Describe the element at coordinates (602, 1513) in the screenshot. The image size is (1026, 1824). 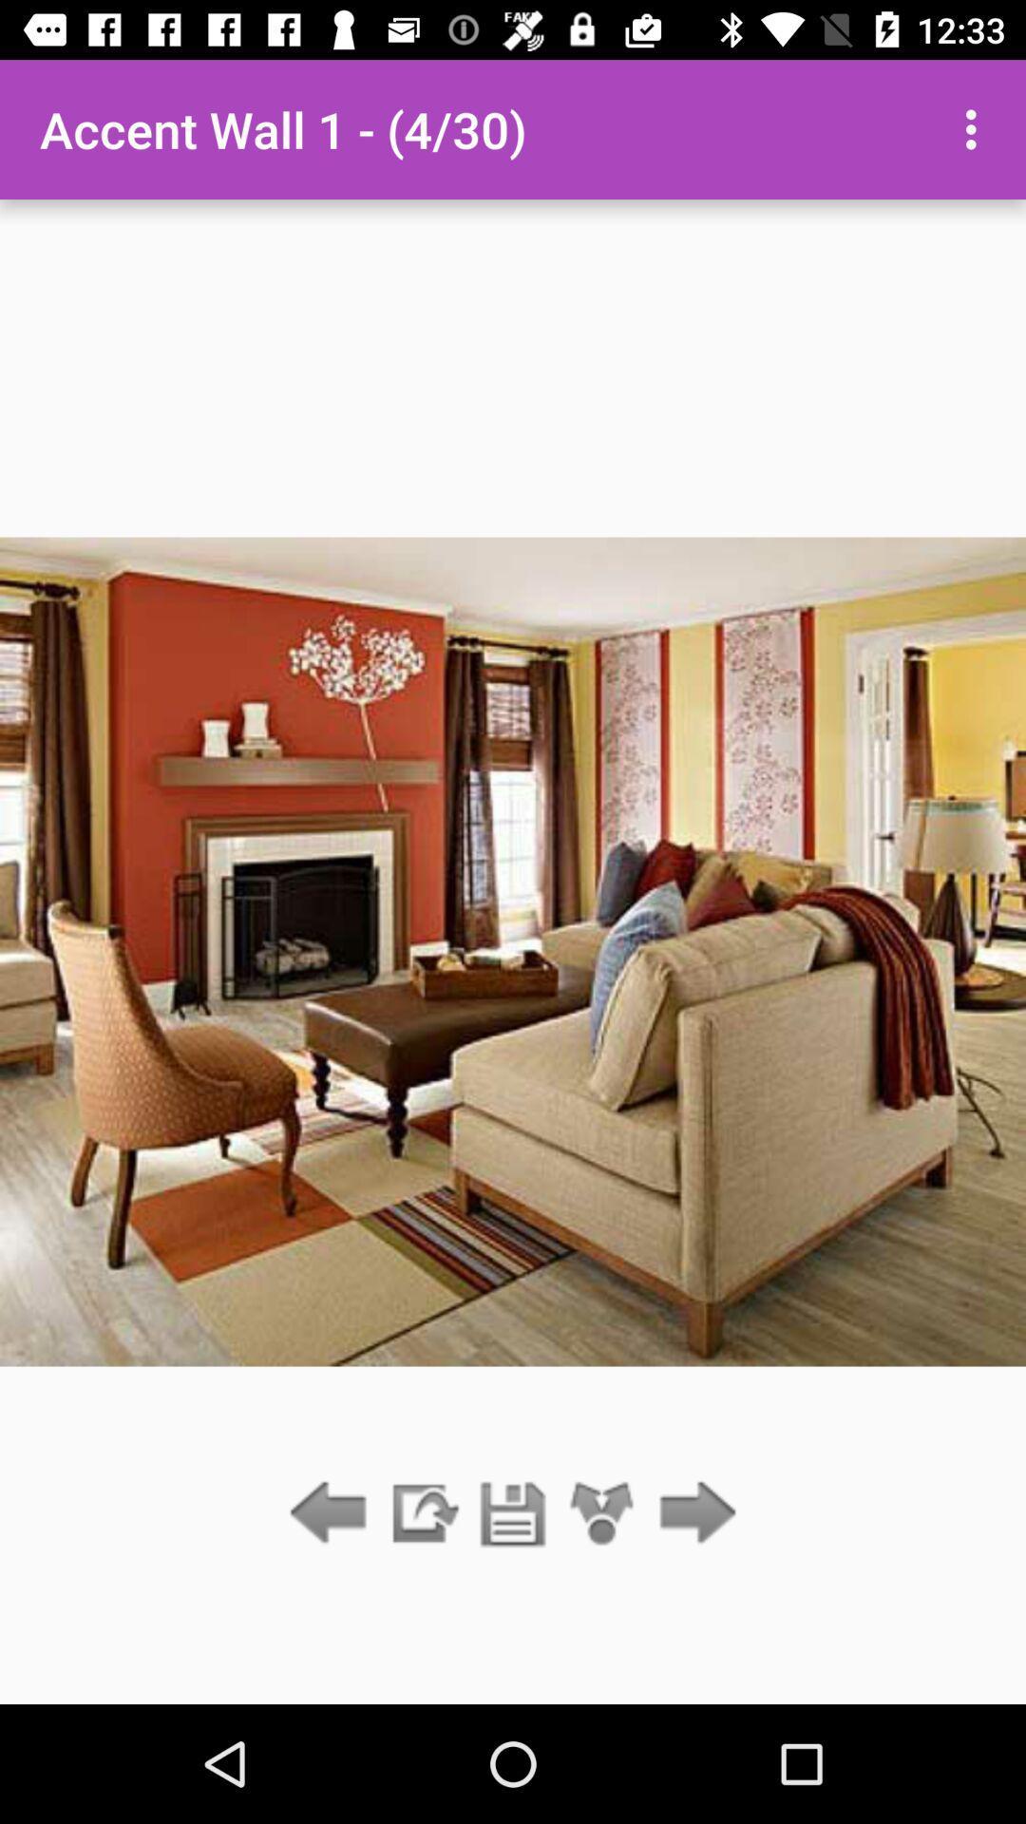
I see `the share icon` at that location.